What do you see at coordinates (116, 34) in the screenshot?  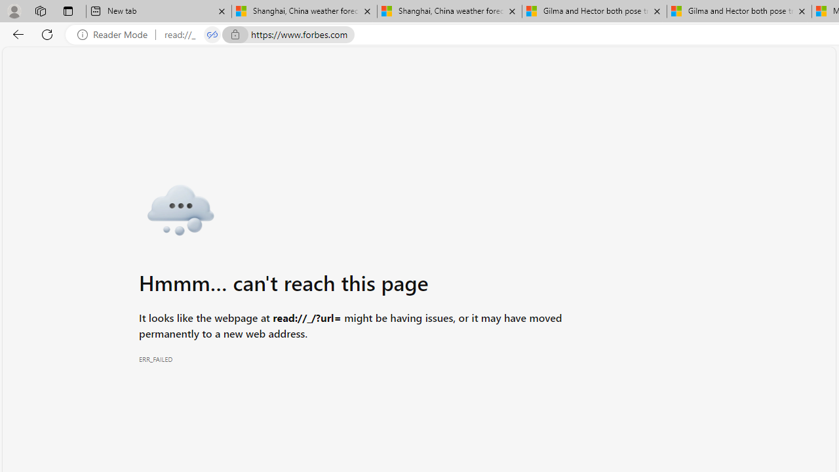 I see `'Reader Mode'` at bounding box center [116, 34].